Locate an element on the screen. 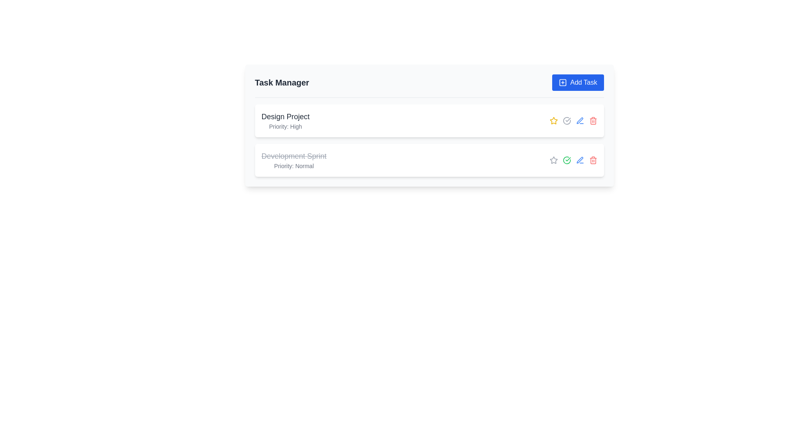  the third icon in the horizontal sequence, which symbolizes the edit action for modifying task details, to observe a visual state change is located at coordinates (579, 160).